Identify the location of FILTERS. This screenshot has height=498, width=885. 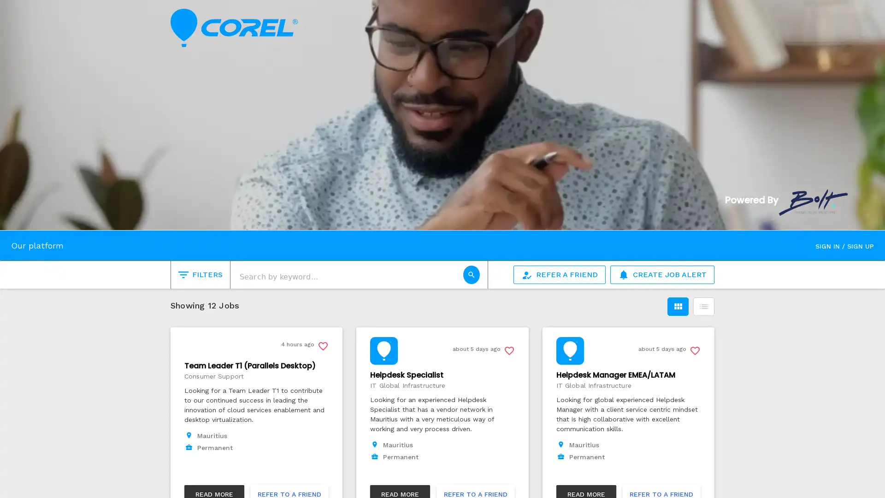
(200, 274).